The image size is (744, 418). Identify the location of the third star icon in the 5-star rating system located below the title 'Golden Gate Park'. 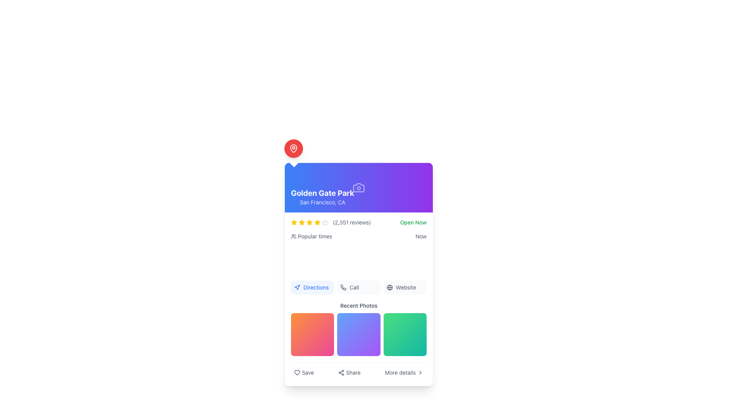
(293, 222).